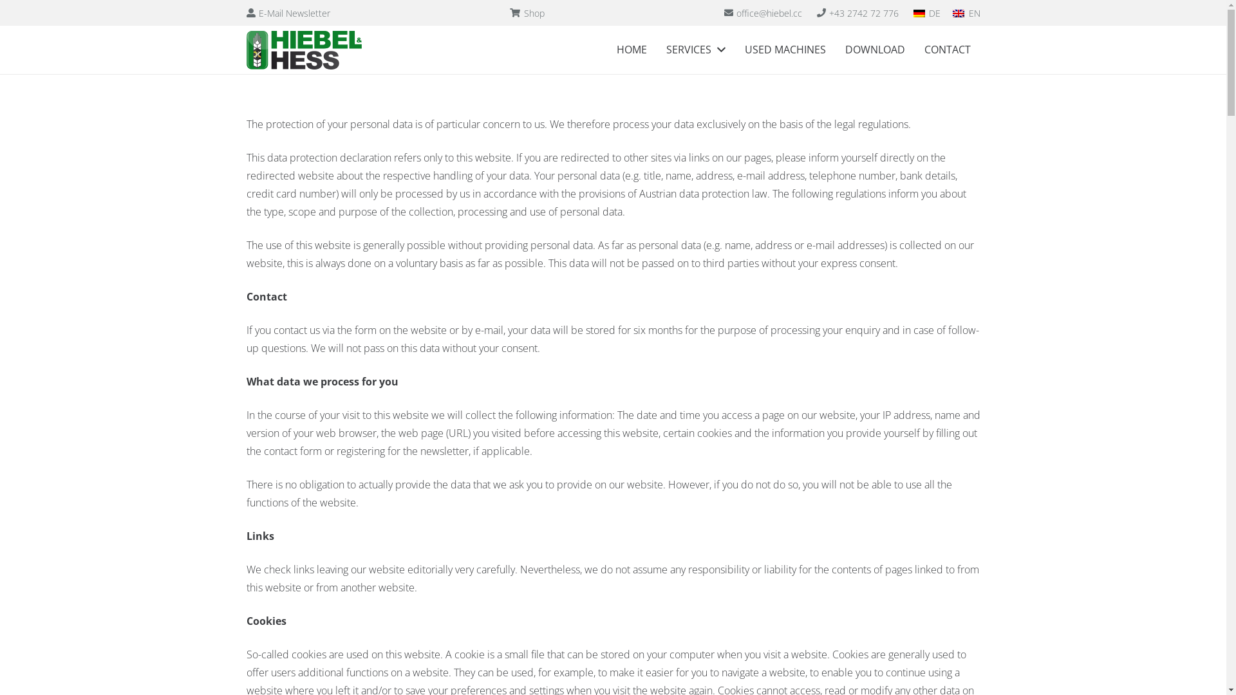 The height and width of the screenshot is (695, 1236). Describe the element at coordinates (763, 12) in the screenshot. I see `'office@hiebel.cc'` at that location.